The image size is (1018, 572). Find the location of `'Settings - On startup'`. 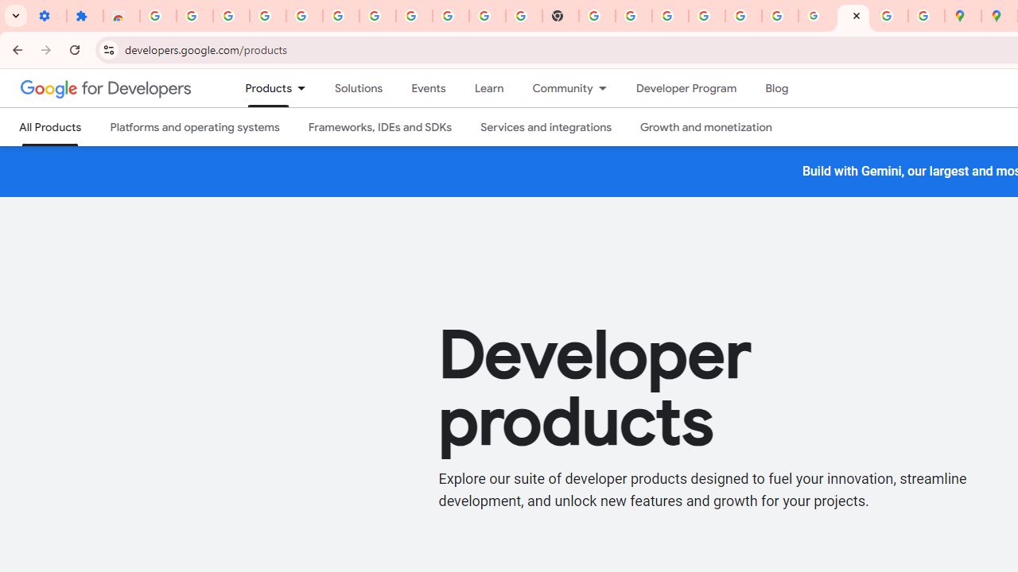

'Settings - On startup' is located at coordinates (48, 16).